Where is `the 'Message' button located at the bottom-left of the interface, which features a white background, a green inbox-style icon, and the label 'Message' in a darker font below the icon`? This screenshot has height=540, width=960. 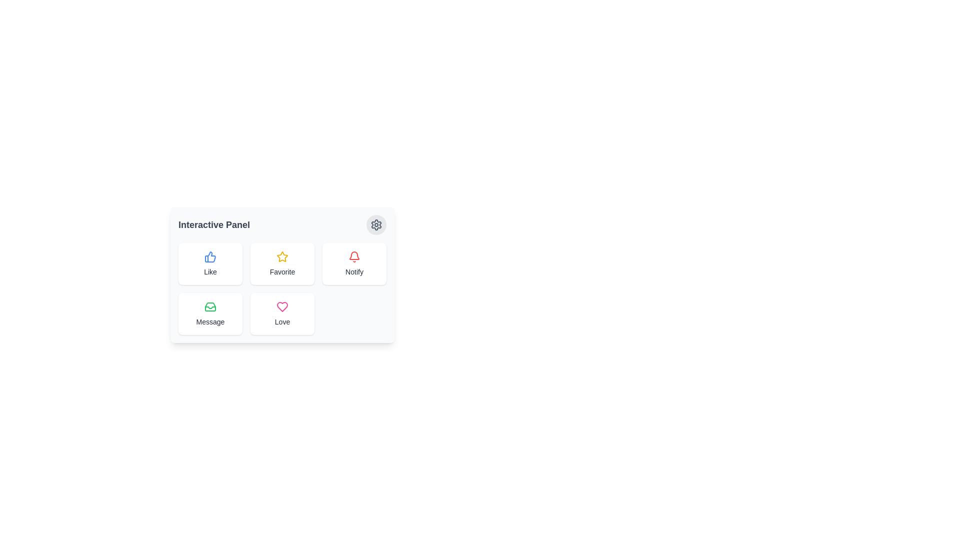 the 'Message' button located at the bottom-left of the interface, which features a white background, a green inbox-style icon, and the label 'Message' in a darker font below the icon is located at coordinates (210, 313).